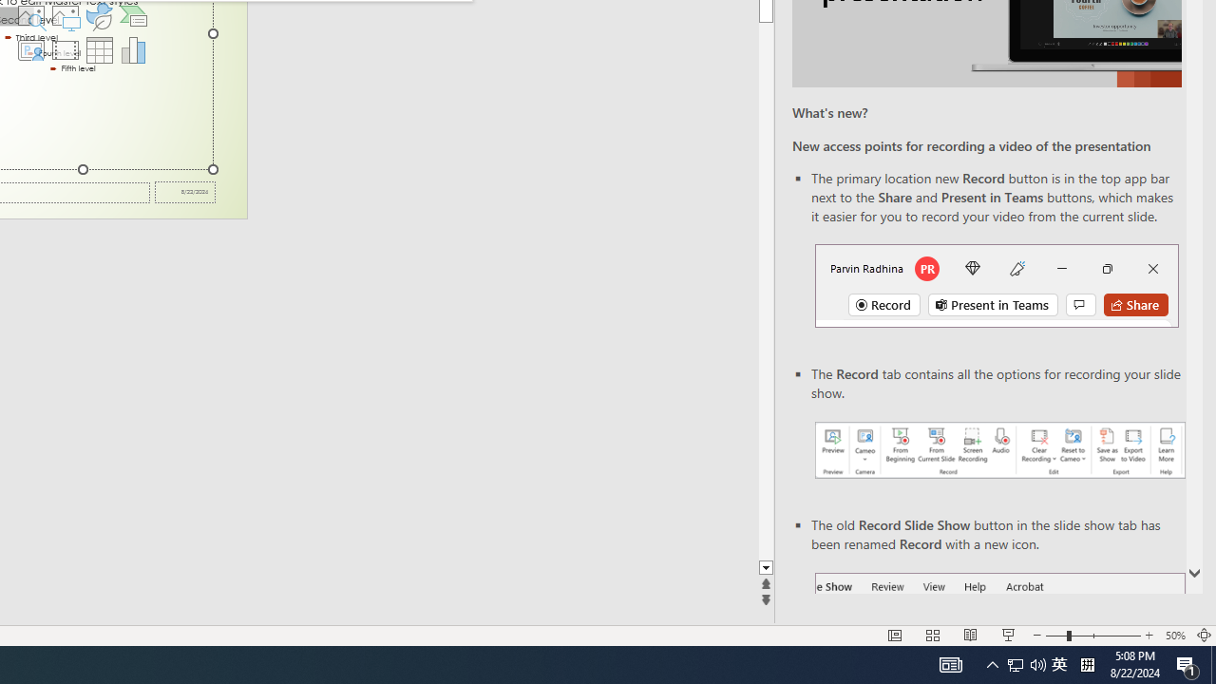  Describe the element at coordinates (1174, 636) in the screenshot. I see `'Zoom 50%'` at that location.